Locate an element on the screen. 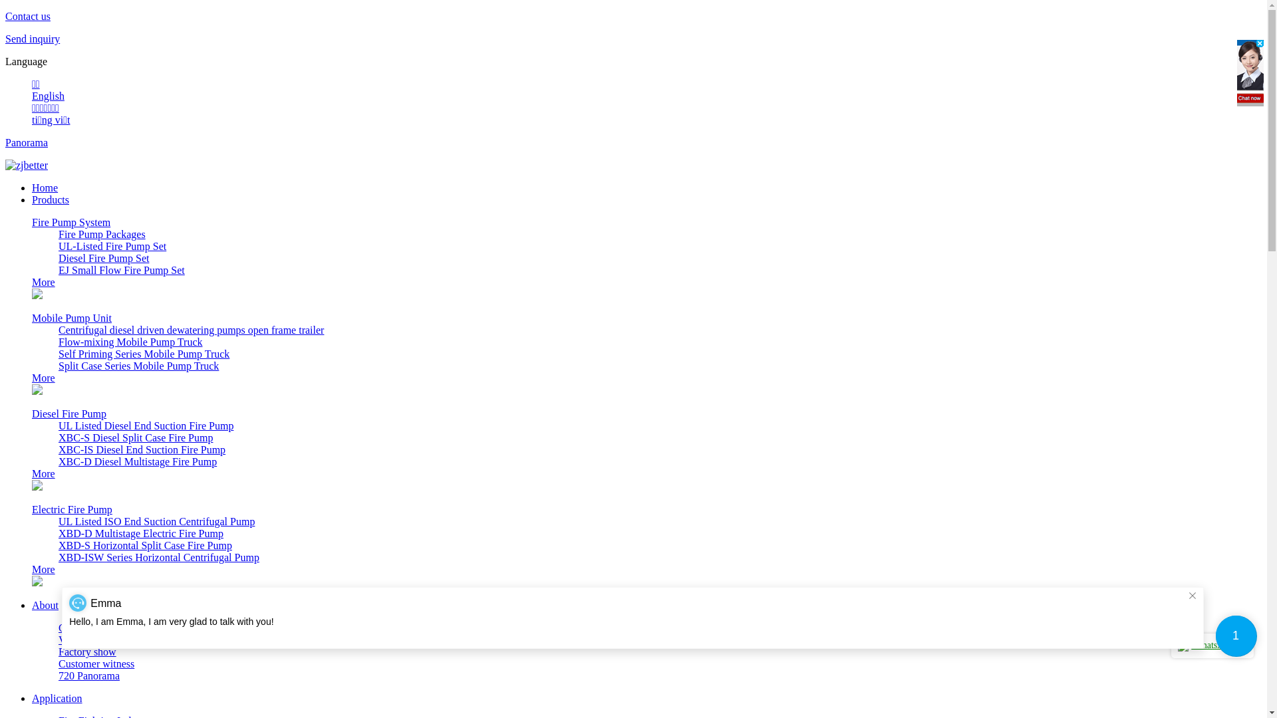  'English' is located at coordinates (48, 95).